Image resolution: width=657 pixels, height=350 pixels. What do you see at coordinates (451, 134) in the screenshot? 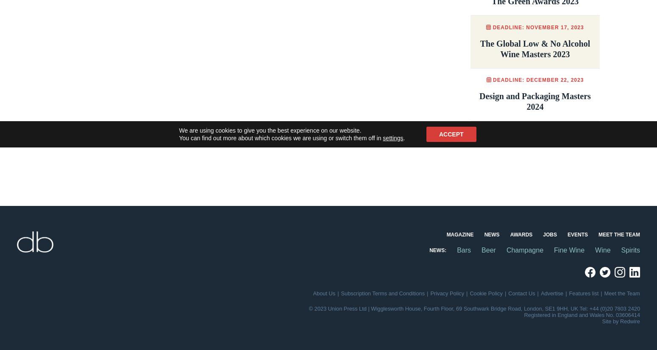
I see `'Accept'` at bounding box center [451, 134].